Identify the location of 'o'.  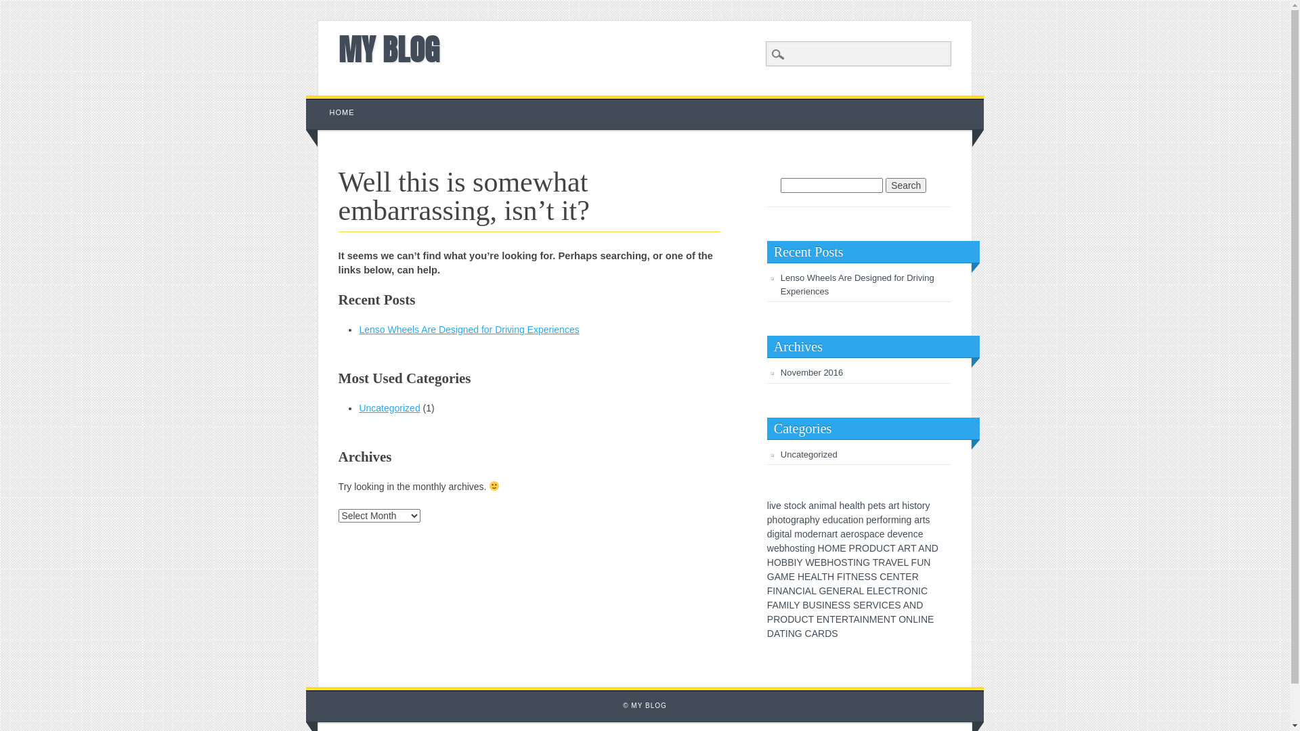
(919, 506).